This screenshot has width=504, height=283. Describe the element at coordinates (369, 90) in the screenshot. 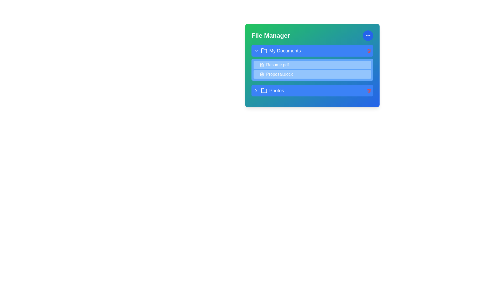

I see `the delete icon for the 'Photos' section, which is the second trash bin icon from the top` at that location.